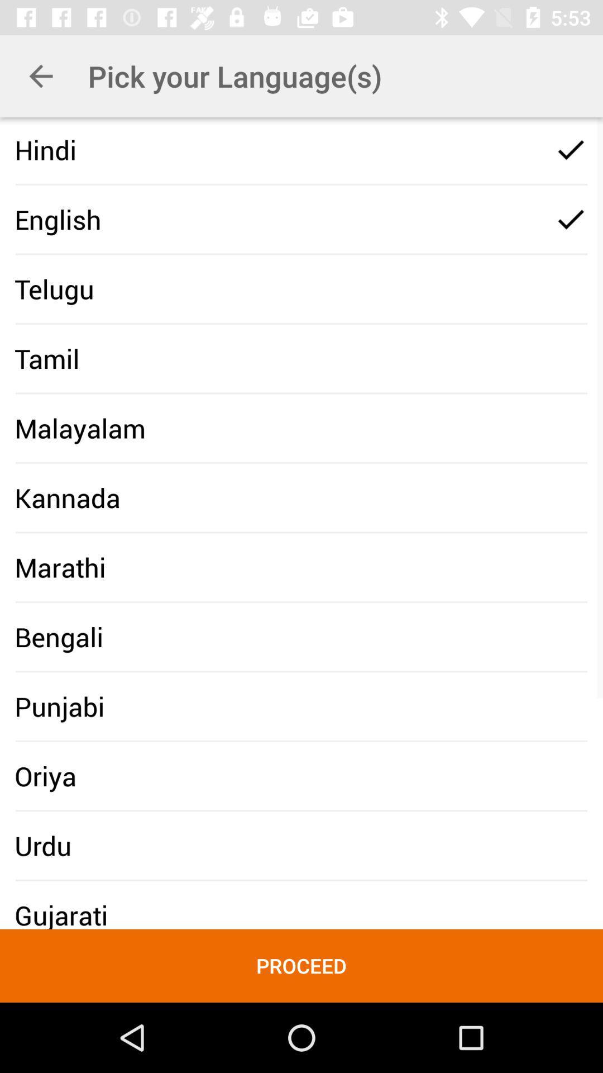 The width and height of the screenshot is (603, 1073). I want to click on the urdu item, so click(42, 846).